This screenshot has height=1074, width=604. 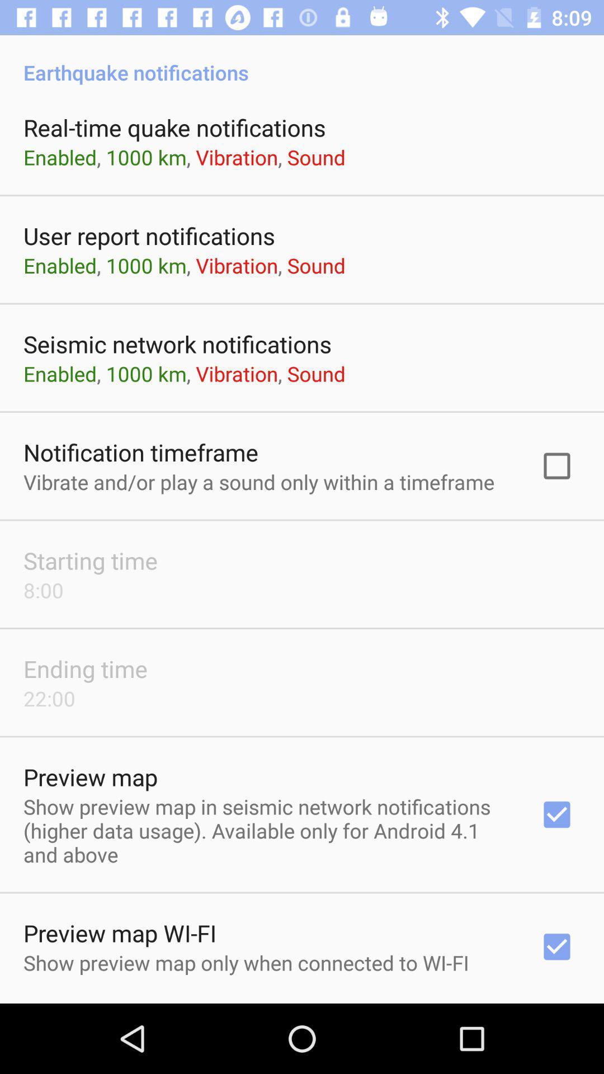 What do you see at coordinates (140, 452) in the screenshot?
I see `icon below enabled 1000 km icon` at bounding box center [140, 452].